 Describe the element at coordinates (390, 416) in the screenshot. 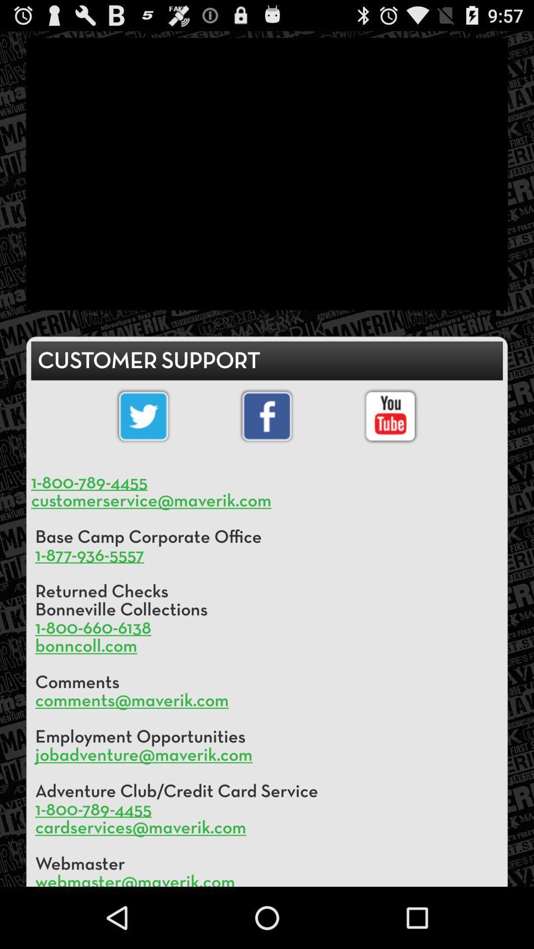

I see `youtube` at that location.